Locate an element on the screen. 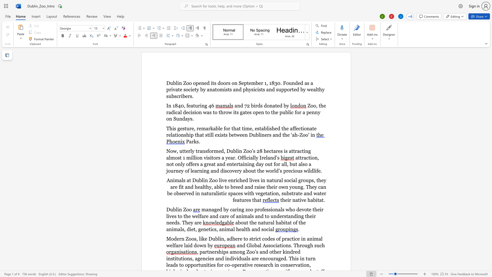 The height and width of the screenshot is (277, 492). the space between the continuous character "o" and "o" in the text is located at coordinates (189, 210).